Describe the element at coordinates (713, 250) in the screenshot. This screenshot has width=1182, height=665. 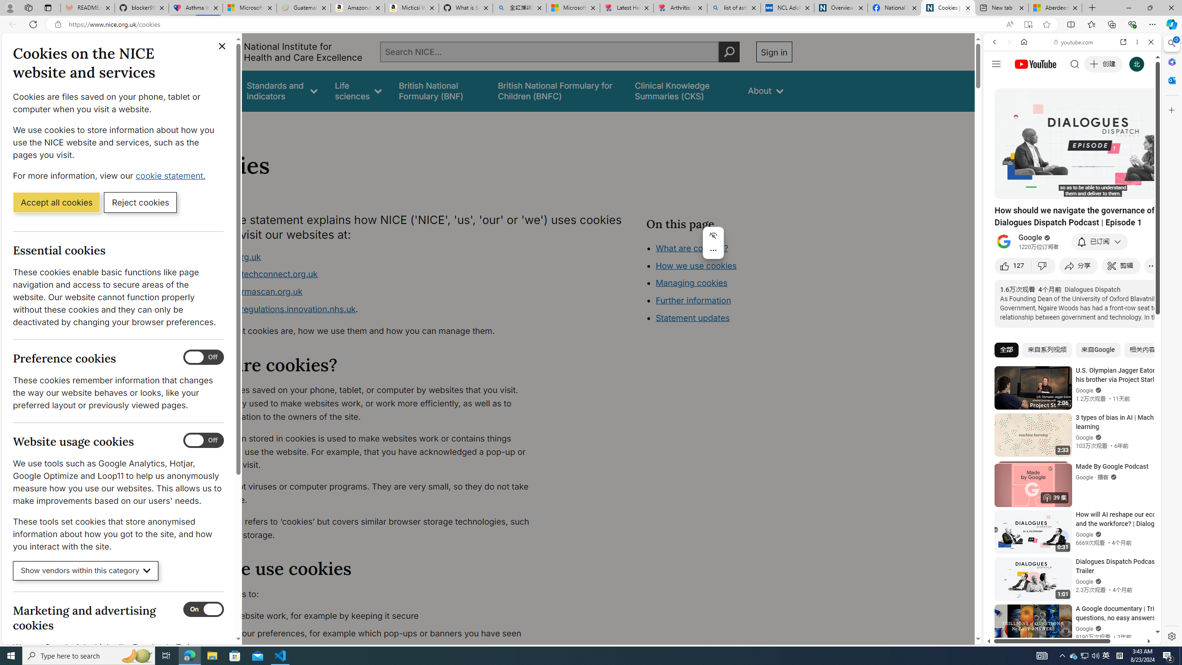
I see `'More actions'` at that location.